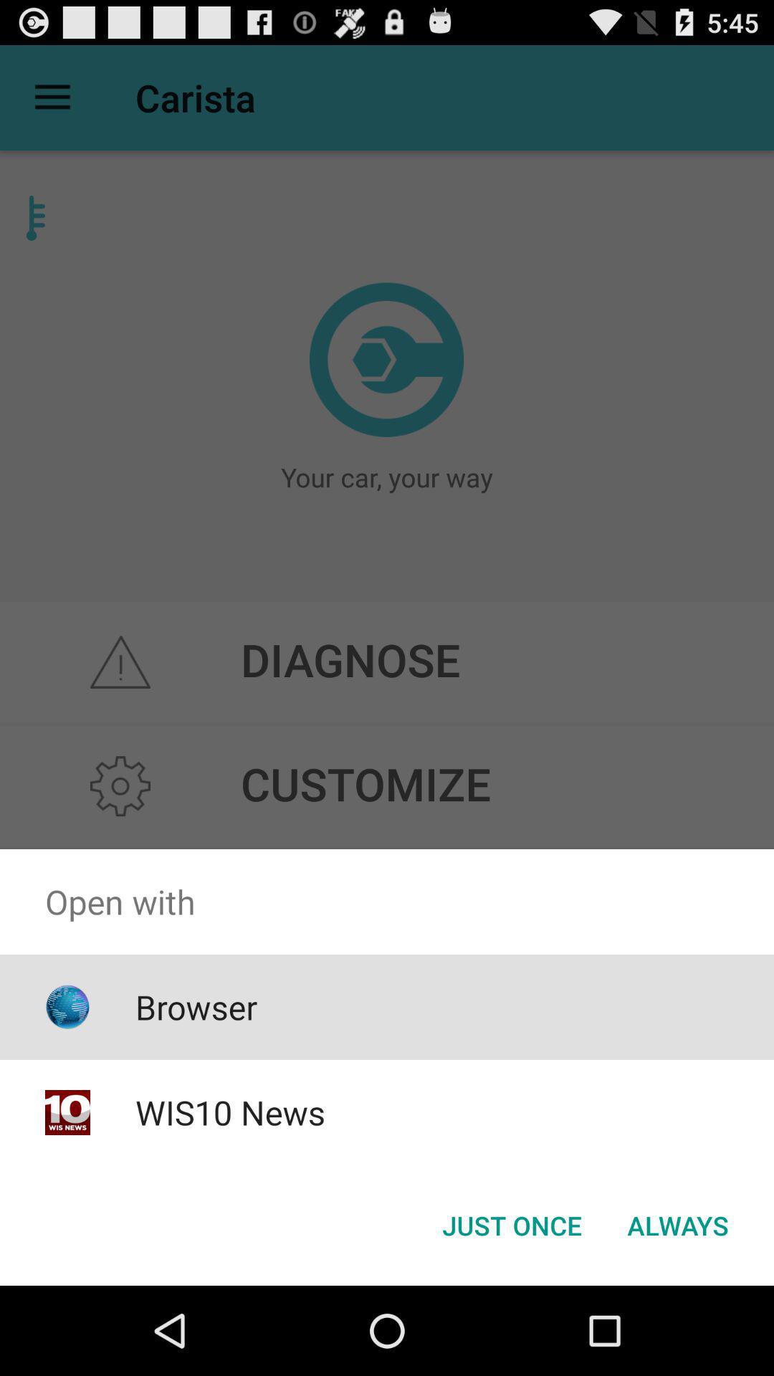 The height and width of the screenshot is (1376, 774). I want to click on the app below the open with, so click(511, 1224).